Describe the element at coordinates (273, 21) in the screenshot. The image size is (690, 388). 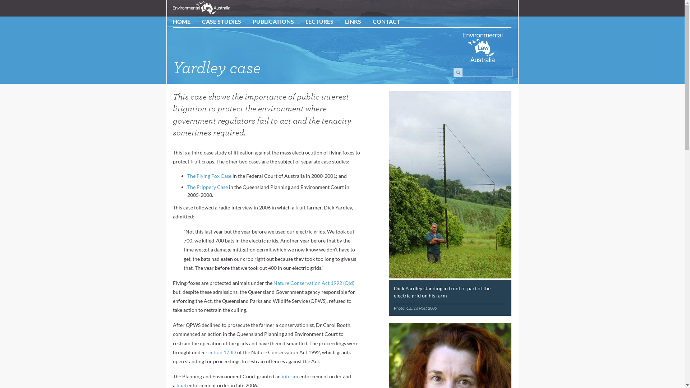
I see `'PUBLICATIONS'` at that location.